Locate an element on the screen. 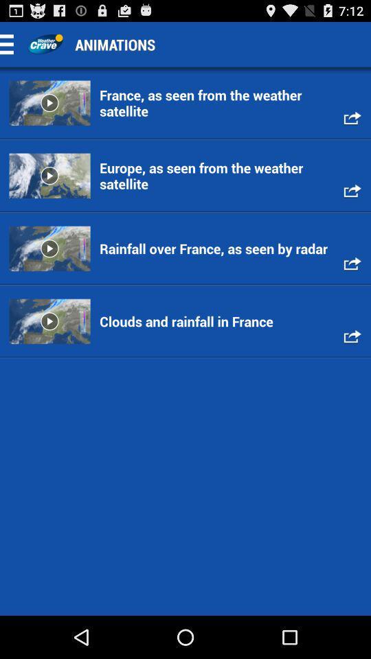 The width and height of the screenshot is (371, 659). bring up a user is located at coordinates (45, 44).